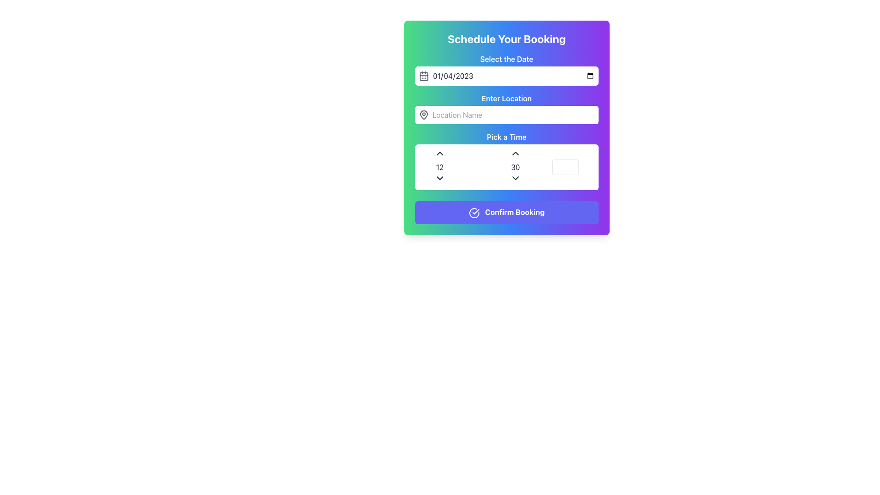  I want to click on the text label 'Select the Date', which provides contextual information above the date input field, so click(506, 69).